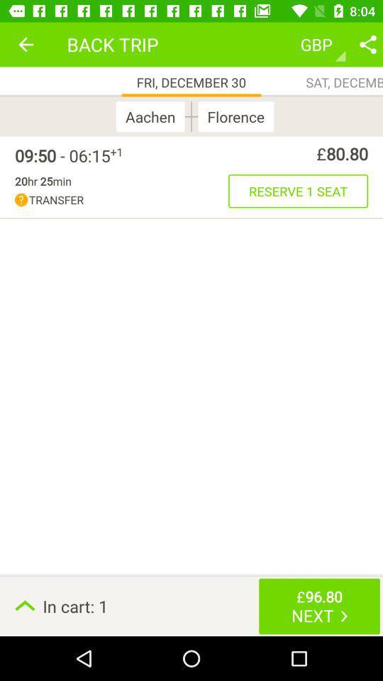 This screenshot has width=383, height=681. Describe the element at coordinates (367, 44) in the screenshot. I see `item above the sat, december 31 item` at that location.